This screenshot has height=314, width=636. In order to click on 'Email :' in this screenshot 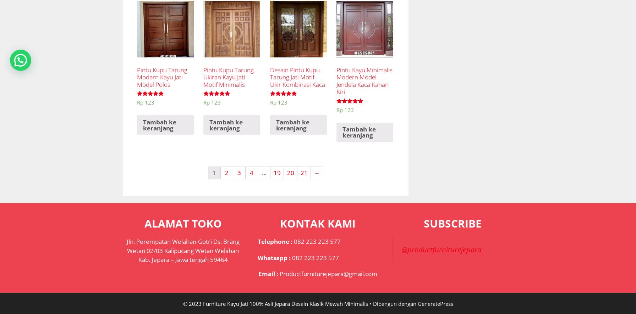, I will do `click(269, 273)`.